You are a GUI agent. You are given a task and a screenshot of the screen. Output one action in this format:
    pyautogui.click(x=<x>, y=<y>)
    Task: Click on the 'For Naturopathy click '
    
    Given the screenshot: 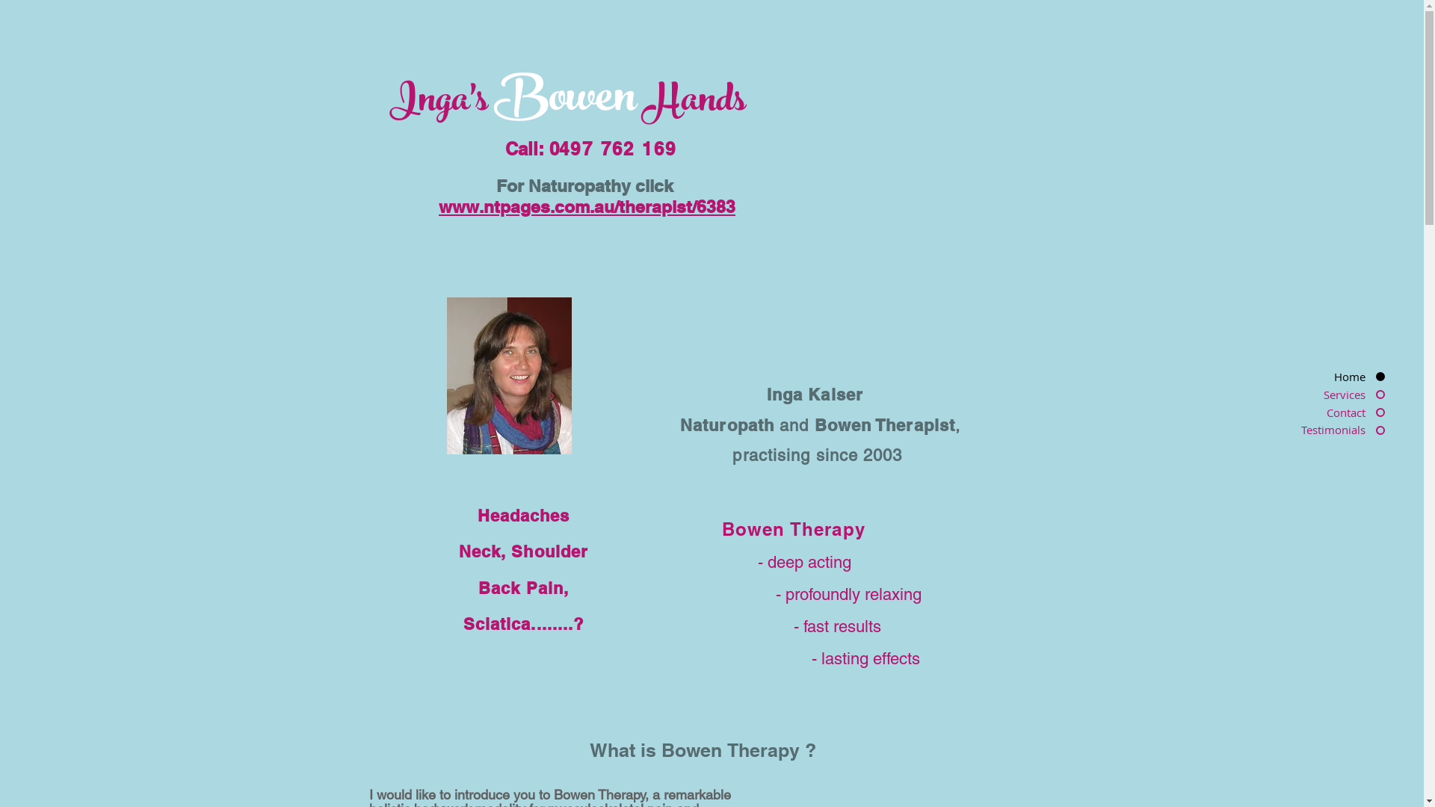 What is the action you would take?
    pyautogui.click(x=586, y=184)
    